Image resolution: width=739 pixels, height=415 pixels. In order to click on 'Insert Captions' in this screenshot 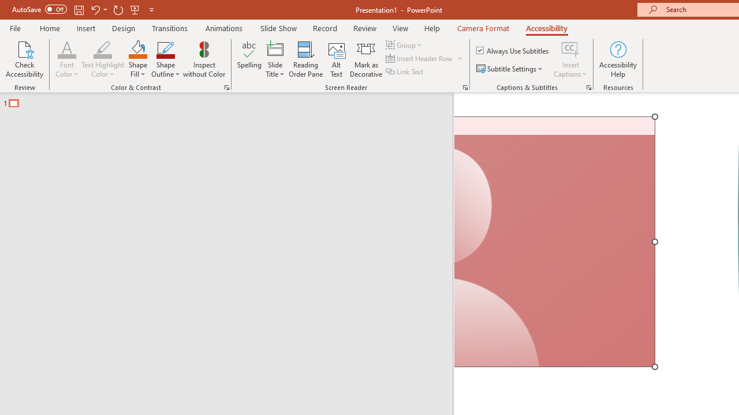, I will do `click(570, 48)`.